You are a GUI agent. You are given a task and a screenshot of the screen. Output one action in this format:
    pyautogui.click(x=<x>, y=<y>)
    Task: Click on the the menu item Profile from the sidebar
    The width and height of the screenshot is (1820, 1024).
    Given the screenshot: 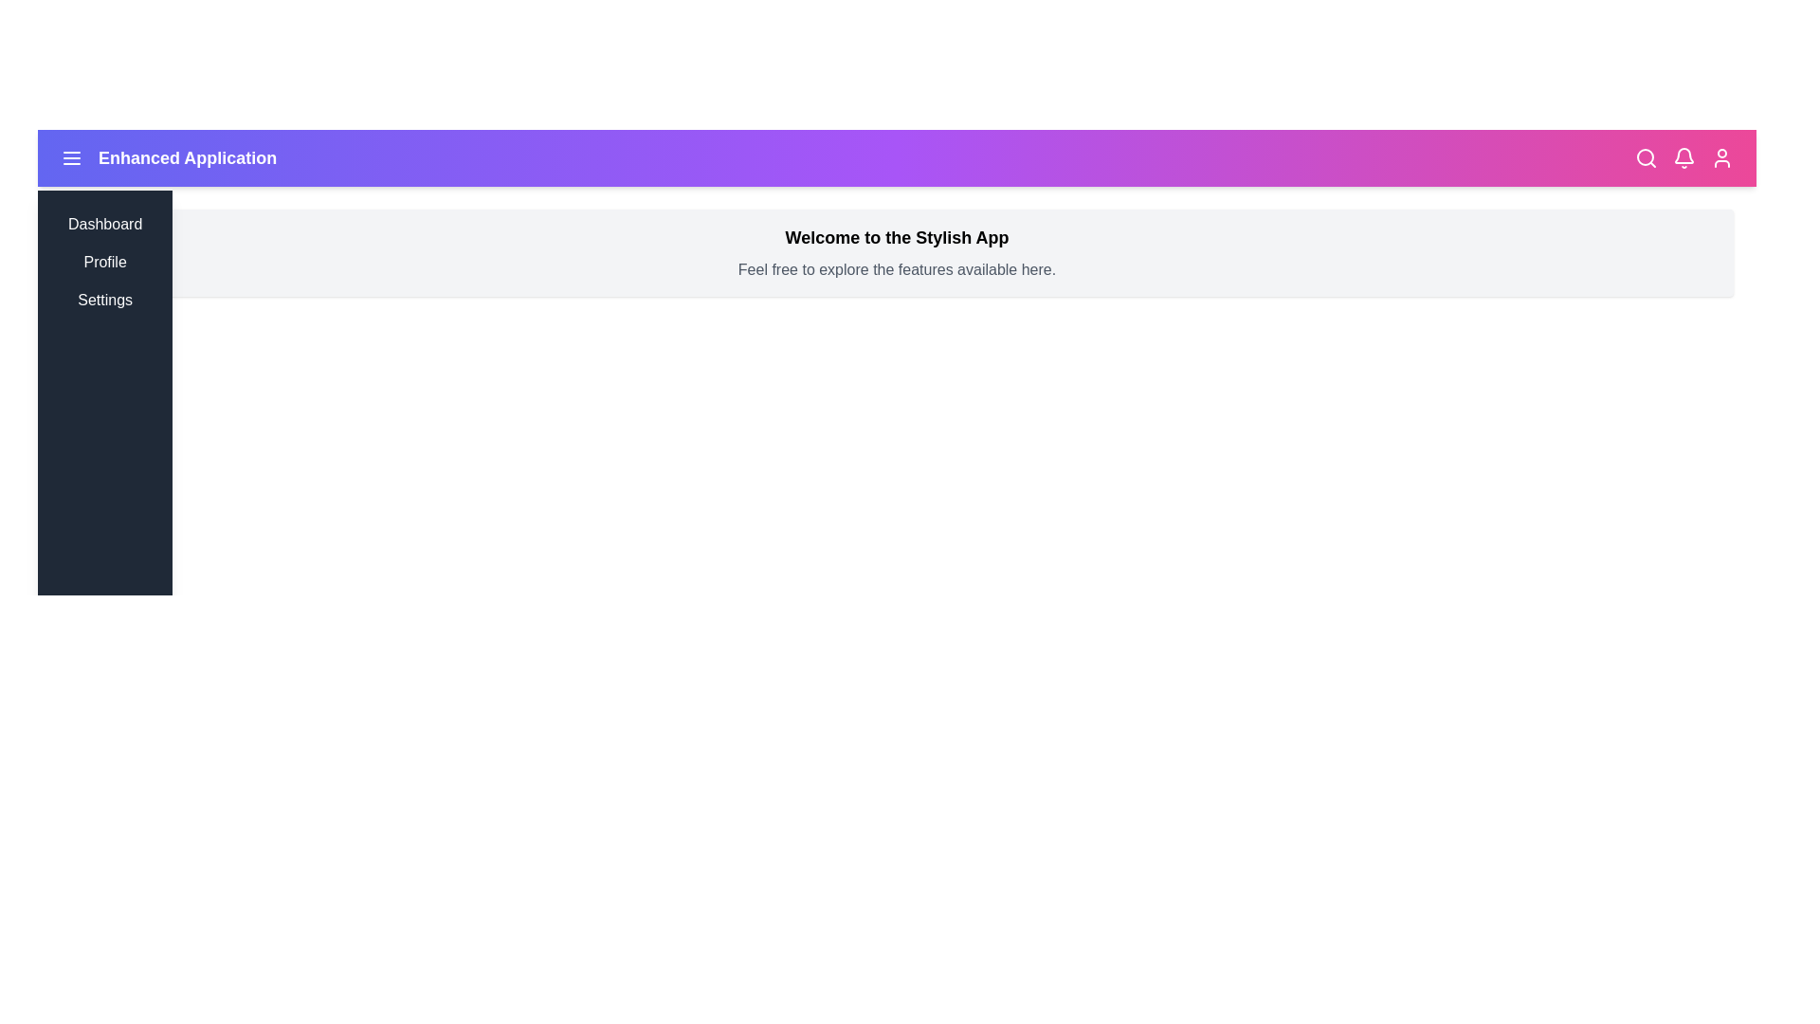 What is the action you would take?
    pyautogui.click(x=103, y=263)
    